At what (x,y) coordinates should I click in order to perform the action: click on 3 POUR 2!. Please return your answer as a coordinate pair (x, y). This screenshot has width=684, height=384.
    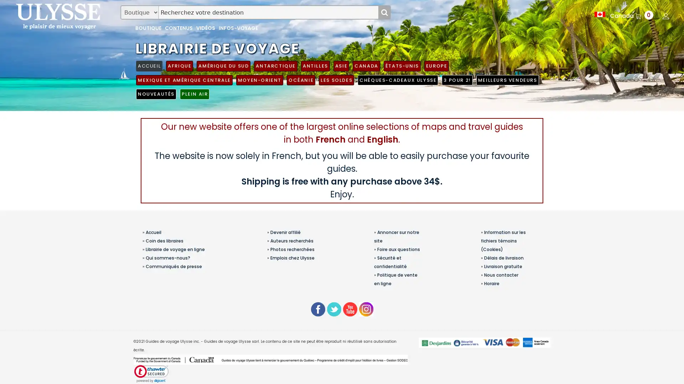
    Looking at the image, I should click on (457, 80).